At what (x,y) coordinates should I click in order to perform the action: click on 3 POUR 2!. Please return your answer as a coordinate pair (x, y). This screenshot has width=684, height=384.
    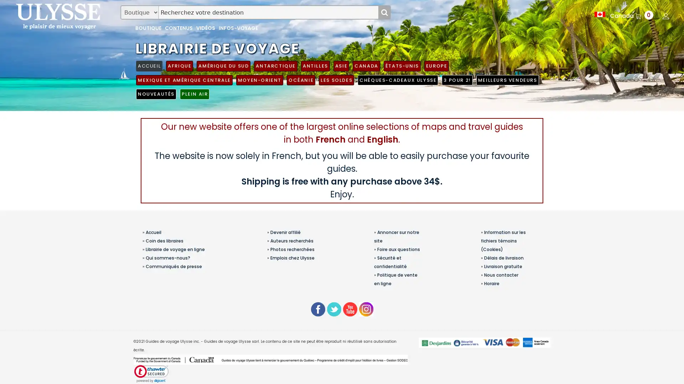
    Looking at the image, I should click on (457, 80).